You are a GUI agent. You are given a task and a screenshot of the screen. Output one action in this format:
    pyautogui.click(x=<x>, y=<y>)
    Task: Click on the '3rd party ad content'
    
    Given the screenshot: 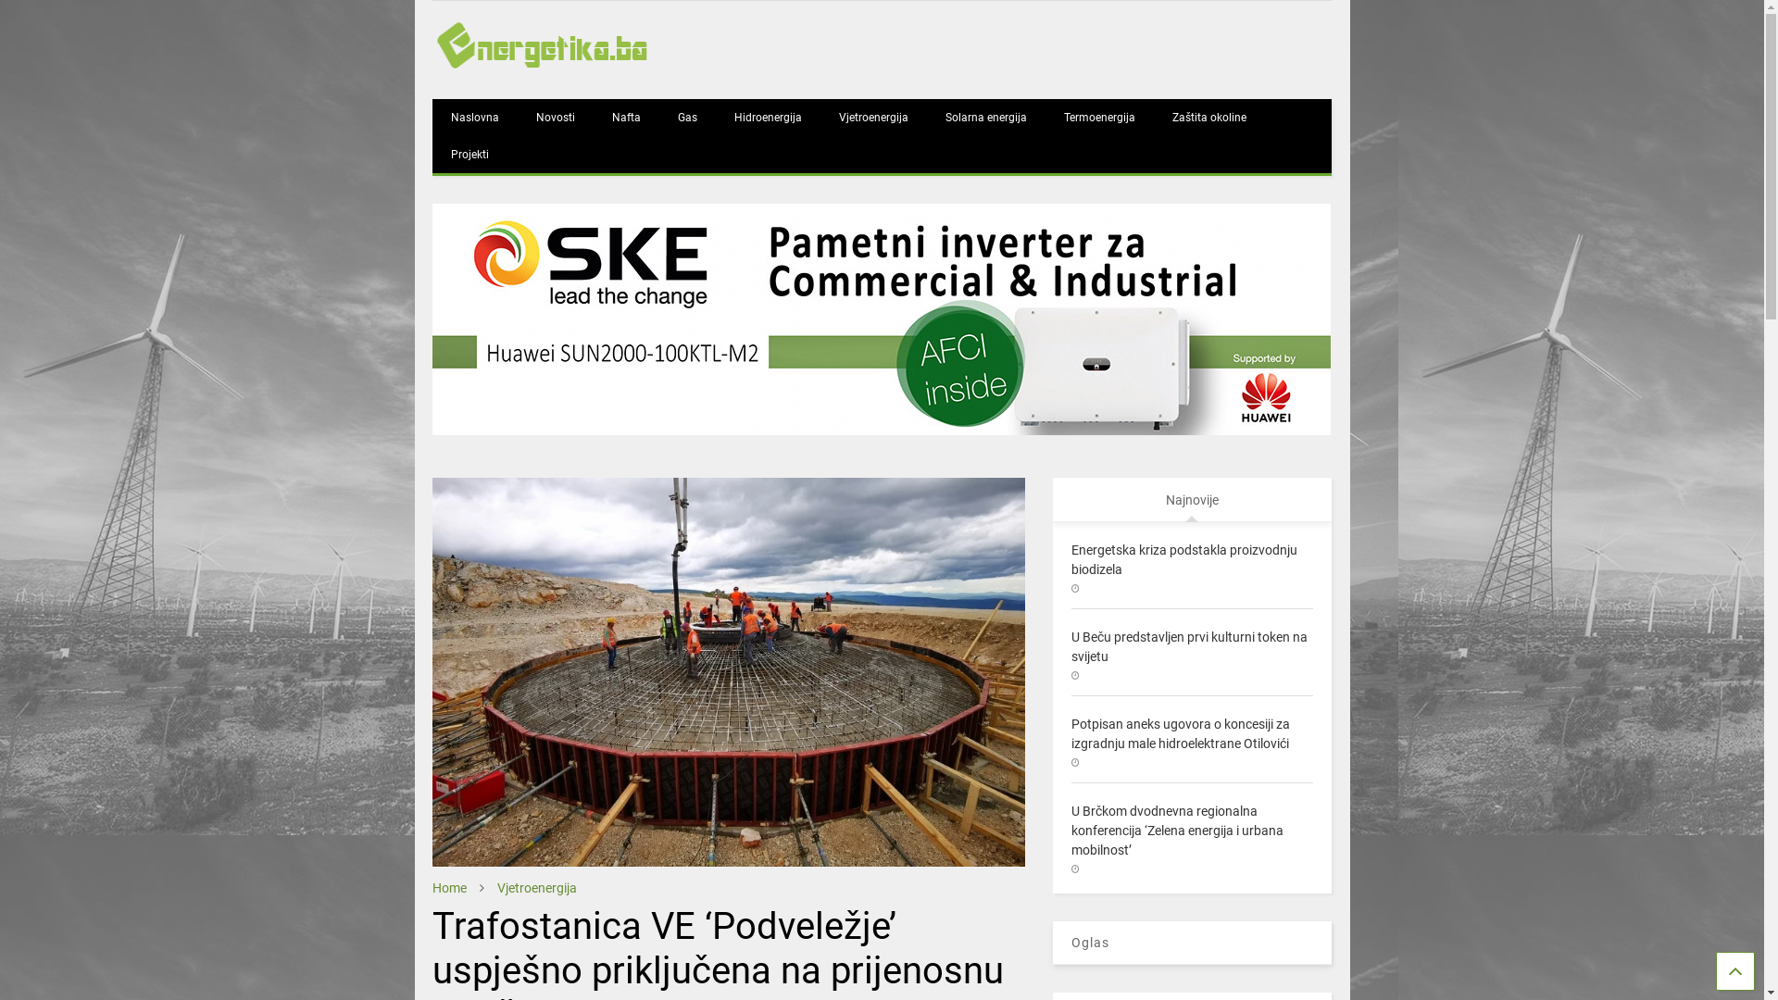 What is the action you would take?
    pyautogui.click(x=880, y=318)
    